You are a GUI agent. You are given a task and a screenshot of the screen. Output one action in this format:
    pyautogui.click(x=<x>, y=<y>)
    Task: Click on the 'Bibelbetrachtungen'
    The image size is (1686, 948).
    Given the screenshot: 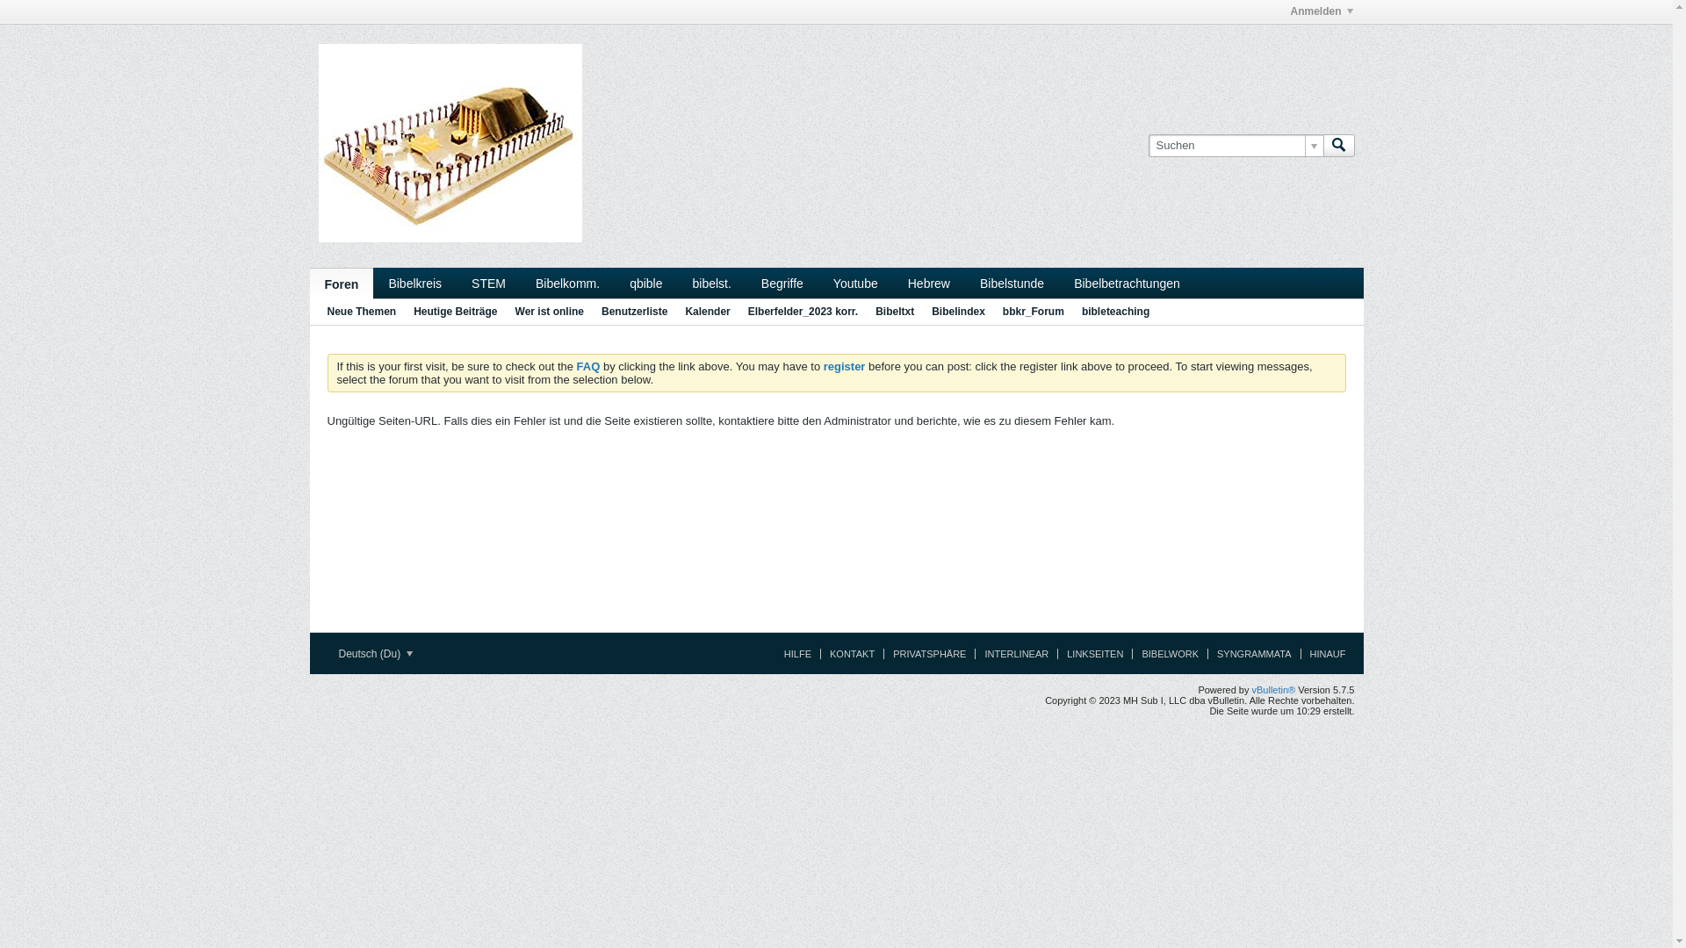 What is the action you would take?
    pyautogui.click(x=1127, y=282)
    